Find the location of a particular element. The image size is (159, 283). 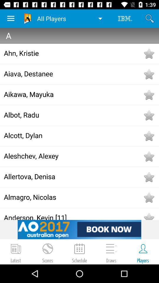

allertova, denisa icon is located at coordinates (73, 176).